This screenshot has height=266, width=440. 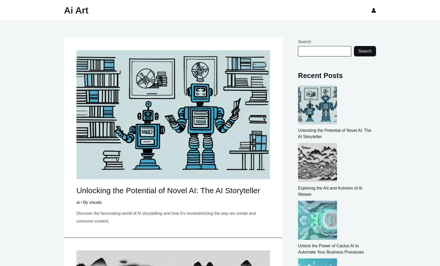 I want to click on 'Recent Posts', so click(x=320, y=75).